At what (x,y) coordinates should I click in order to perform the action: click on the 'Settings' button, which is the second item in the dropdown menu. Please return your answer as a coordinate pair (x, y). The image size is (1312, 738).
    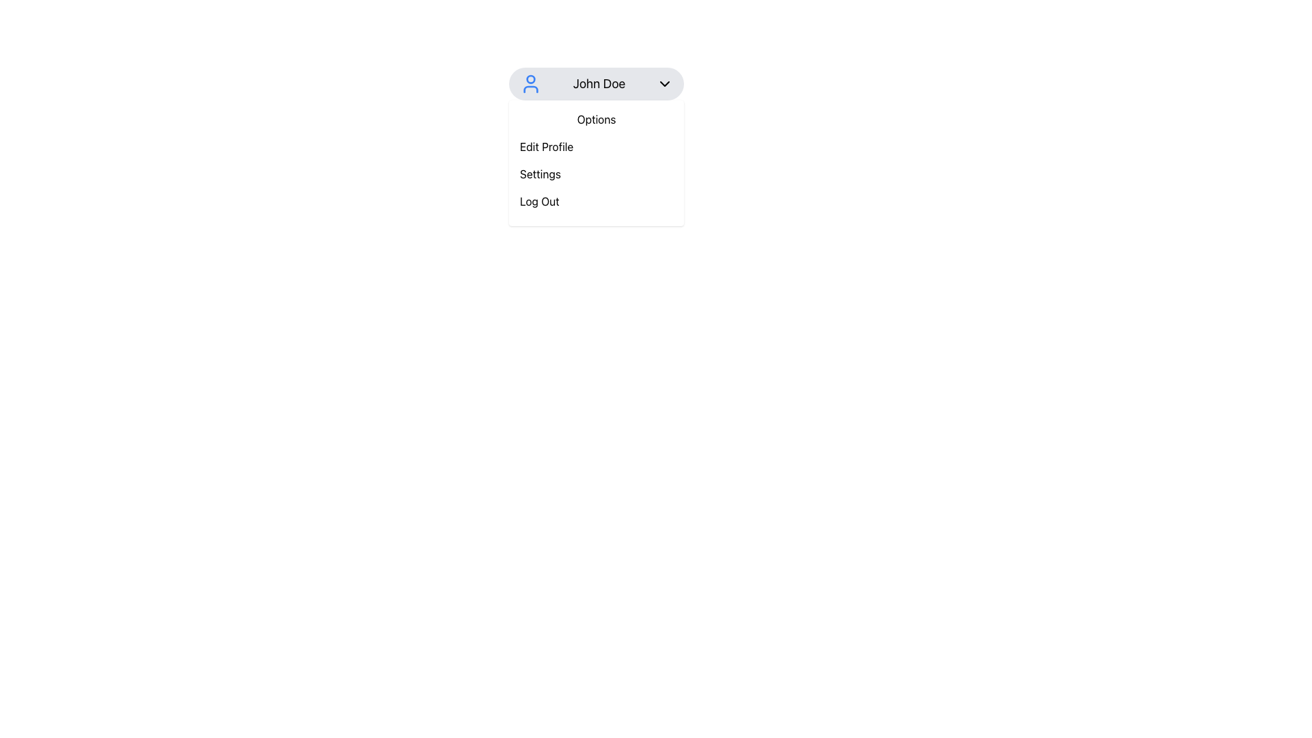
    Looking at the image, I should click on (597, 173).